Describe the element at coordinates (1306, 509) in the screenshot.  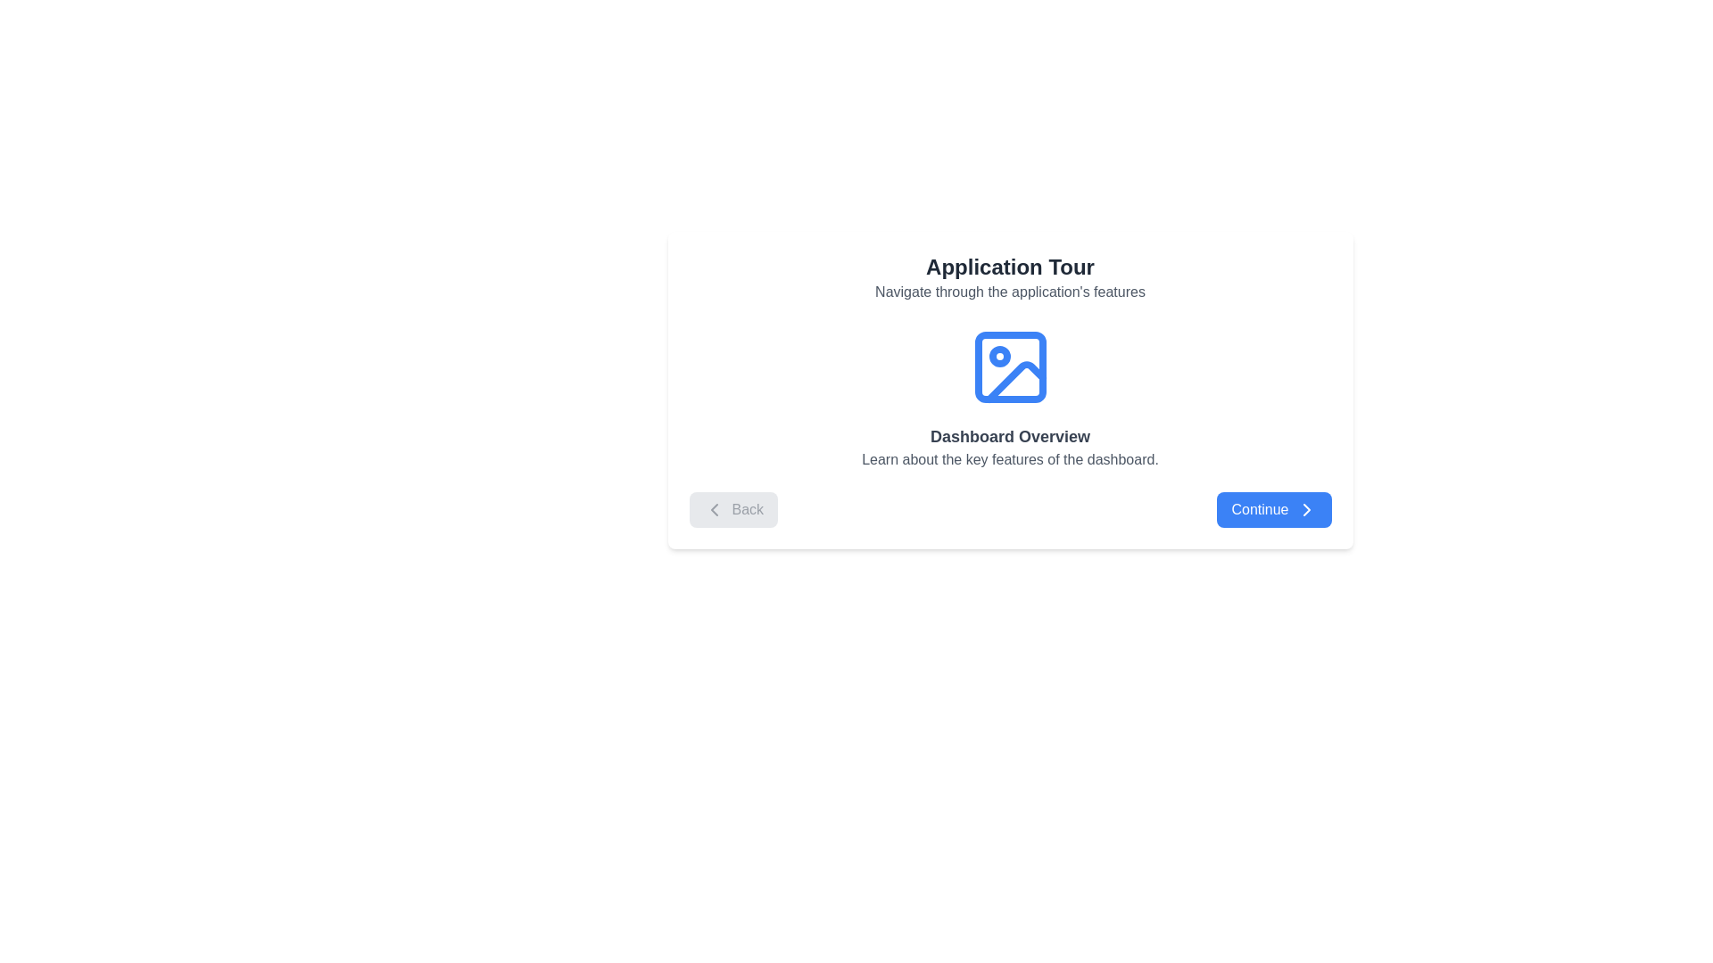
I see `the 'Continue' button that contains the decorative forward navigation arrow icon located at the extreme right edge of the button` at that location.